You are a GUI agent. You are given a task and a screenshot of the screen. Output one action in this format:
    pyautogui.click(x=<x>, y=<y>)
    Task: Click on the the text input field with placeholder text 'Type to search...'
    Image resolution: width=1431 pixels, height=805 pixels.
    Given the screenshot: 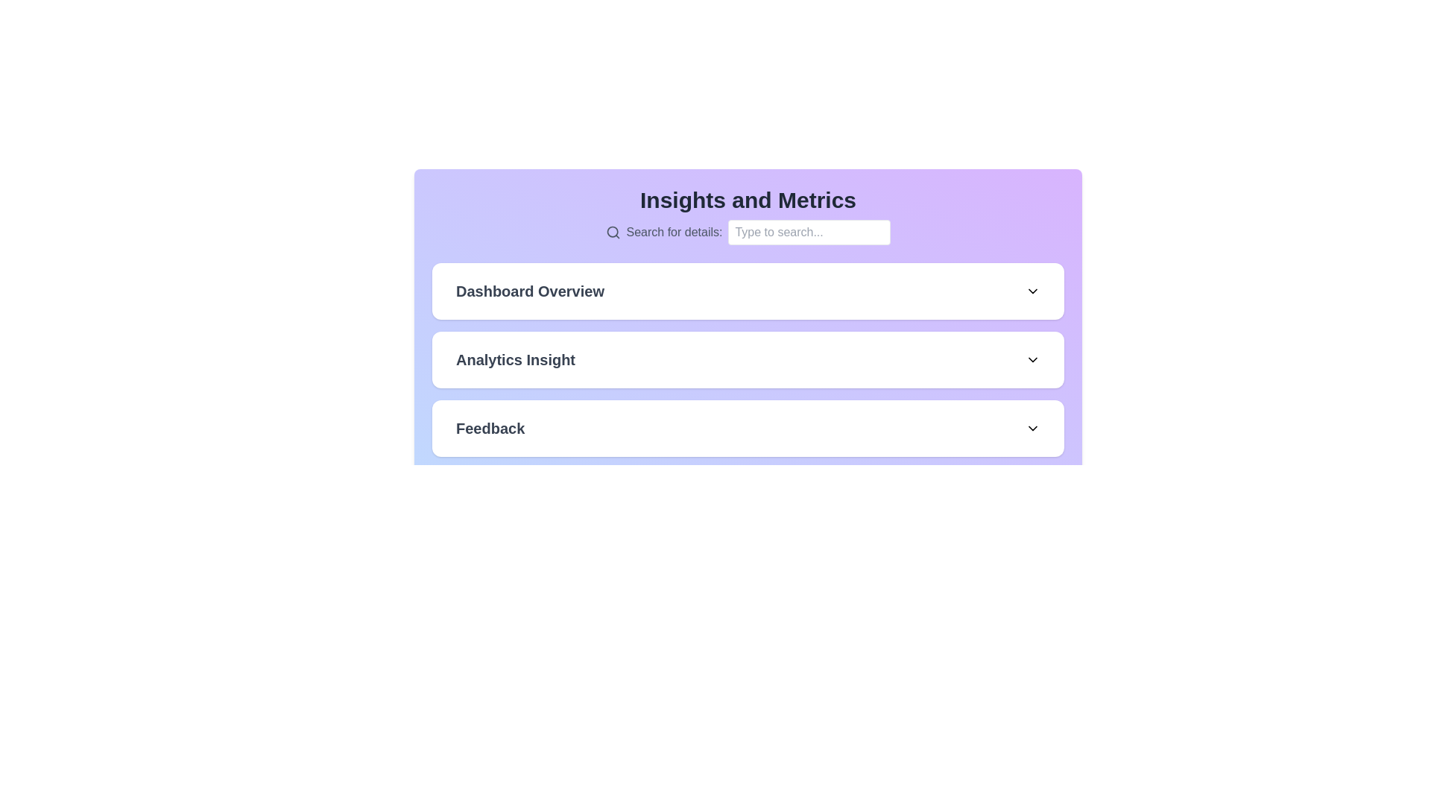 What is the action you would take?
    pyautogui.click(x=809, y=233)
    